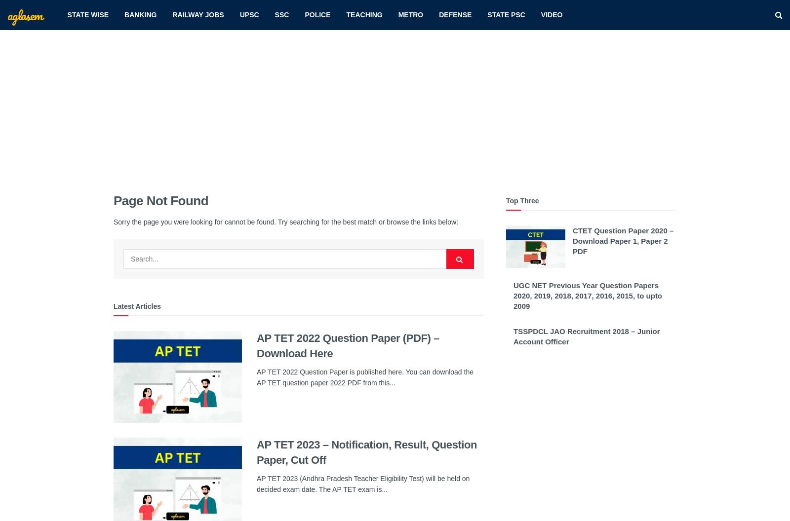 The width and height of the screenshot is (790, 521). What do you see at coordinates (113, 306) in the screenshot?
I see `'Latest Articles'` at bounding box center [113, 306].